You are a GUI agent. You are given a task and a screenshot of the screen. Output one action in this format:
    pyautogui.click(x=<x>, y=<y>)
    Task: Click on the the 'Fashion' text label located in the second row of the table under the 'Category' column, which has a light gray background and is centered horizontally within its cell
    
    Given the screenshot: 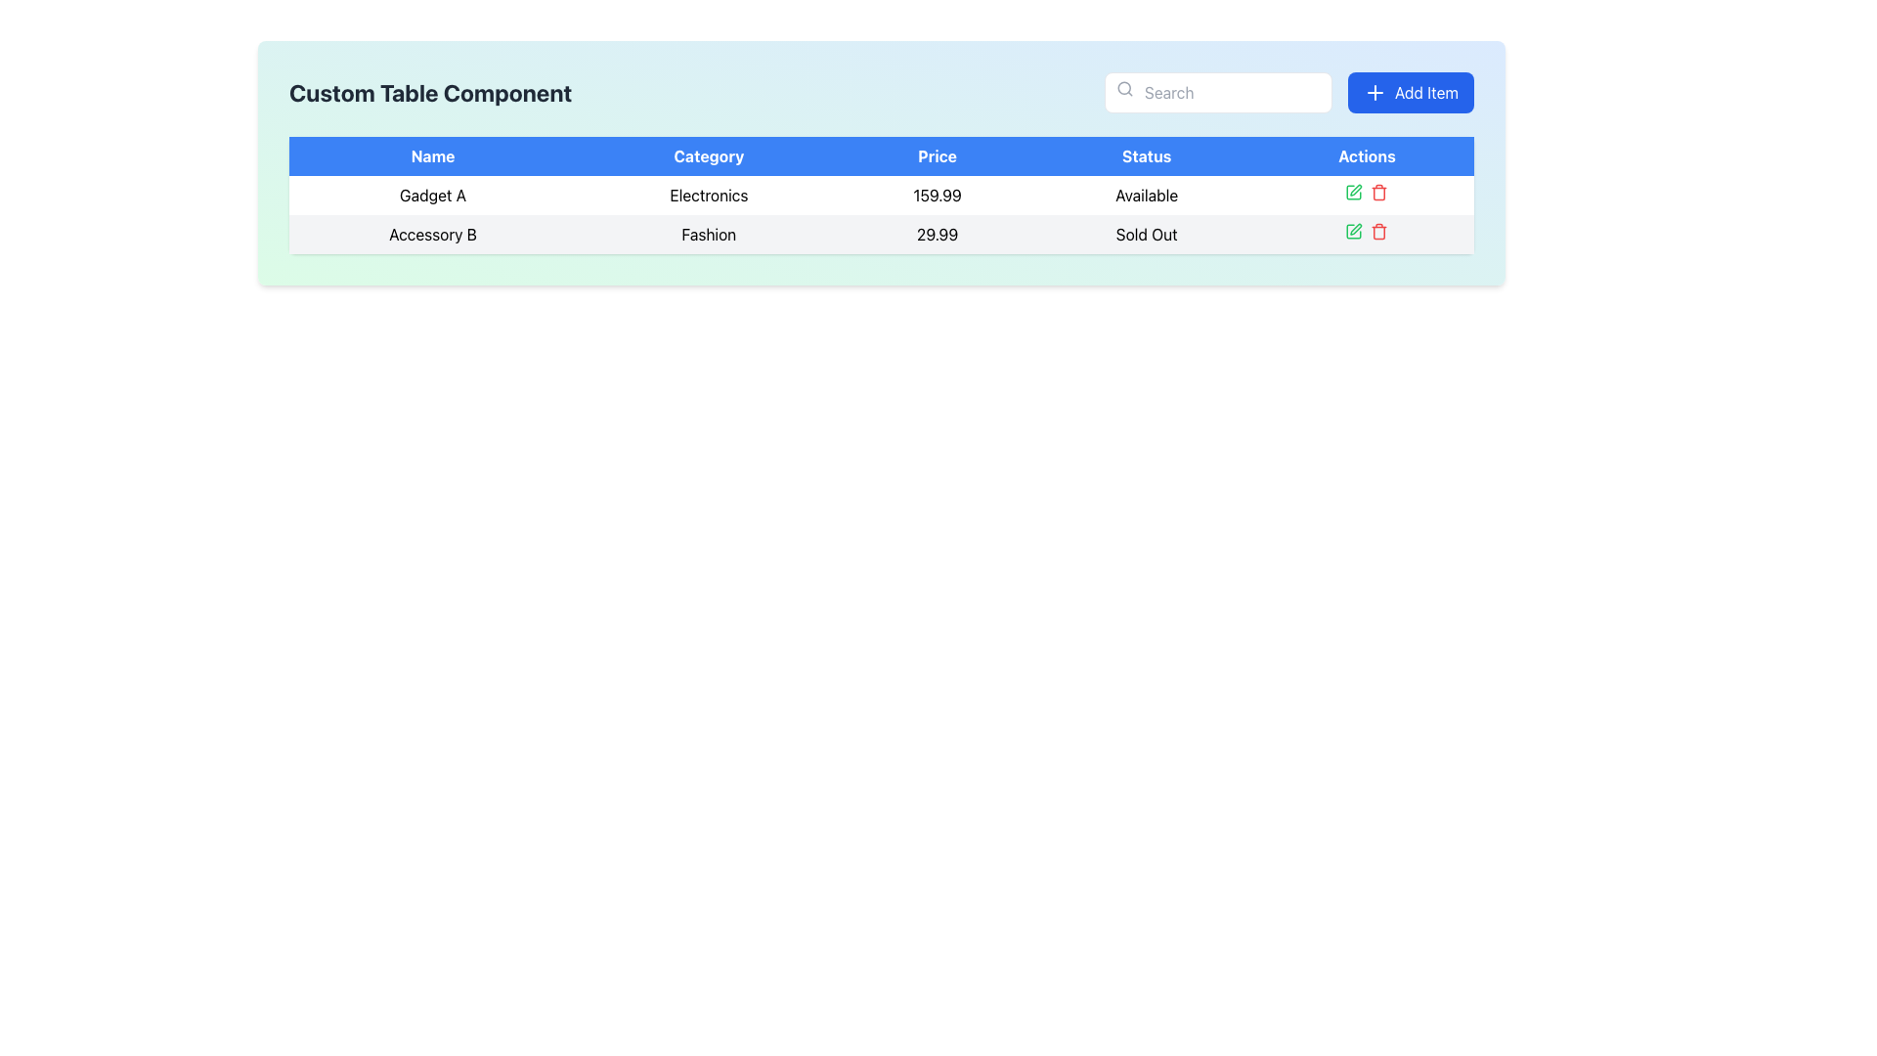 What is the action you would take?
    pyautogui.click(x=708, y=233)
    